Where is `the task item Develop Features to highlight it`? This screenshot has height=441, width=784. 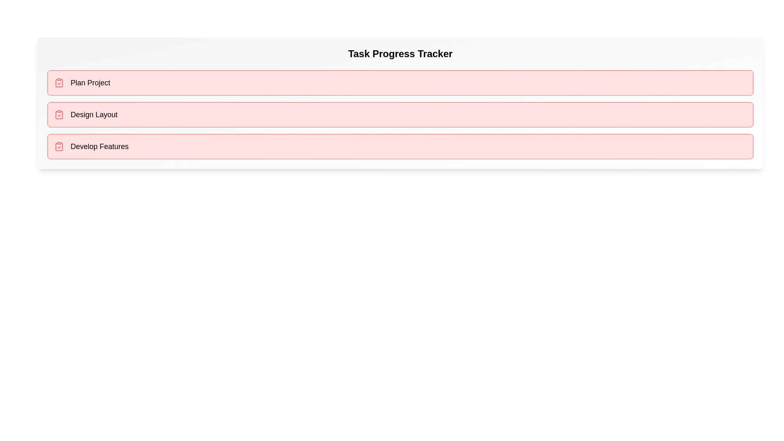 the task item Develop Features to highlight it is located at coordinates (400, 146).